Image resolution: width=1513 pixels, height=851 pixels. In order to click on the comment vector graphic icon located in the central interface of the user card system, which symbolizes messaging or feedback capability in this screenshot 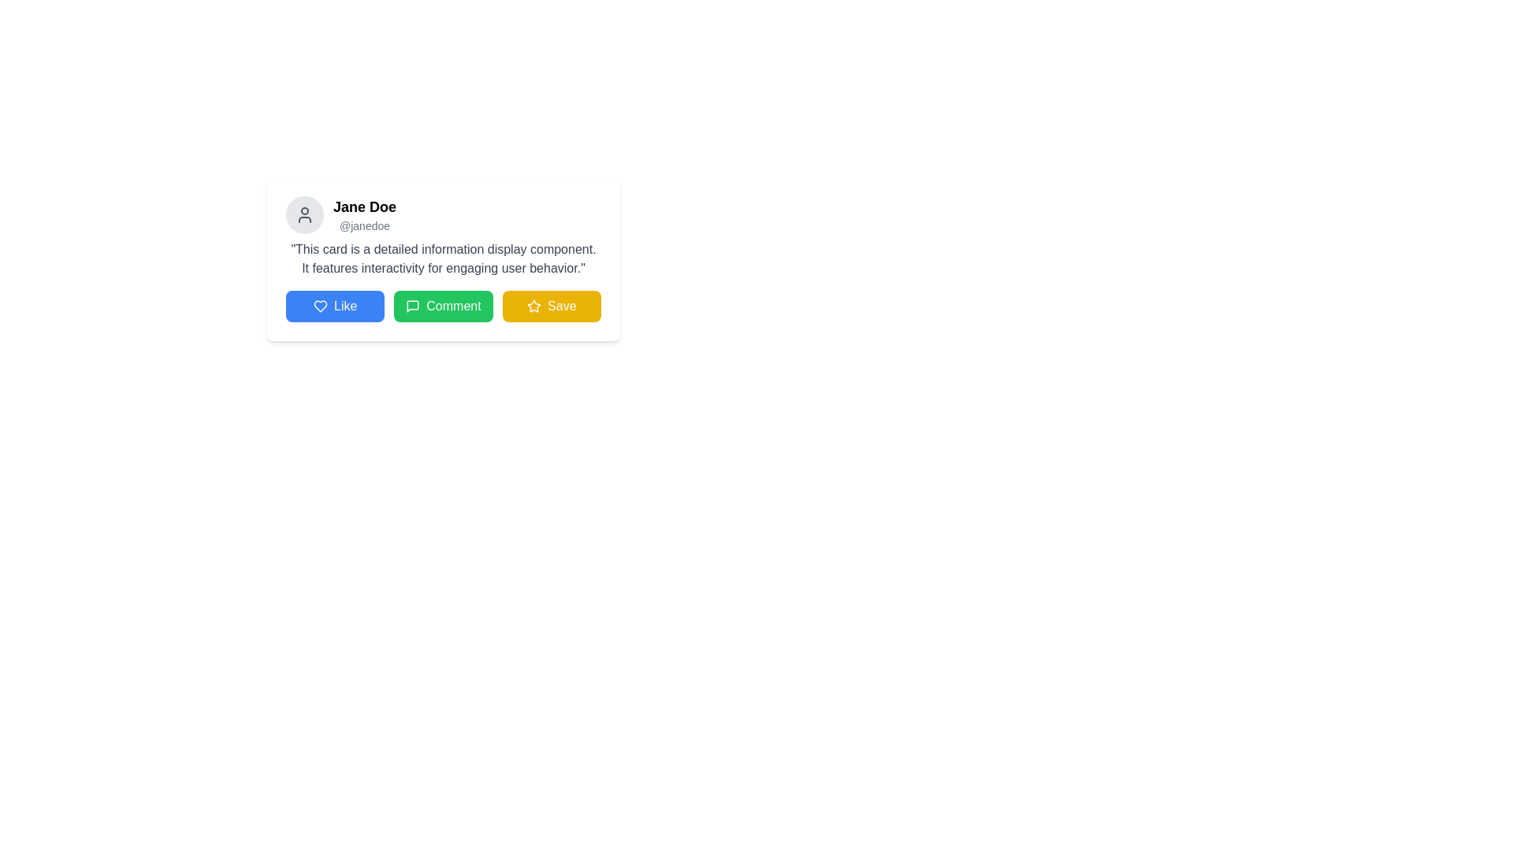, I will do `click(413, 307)`.